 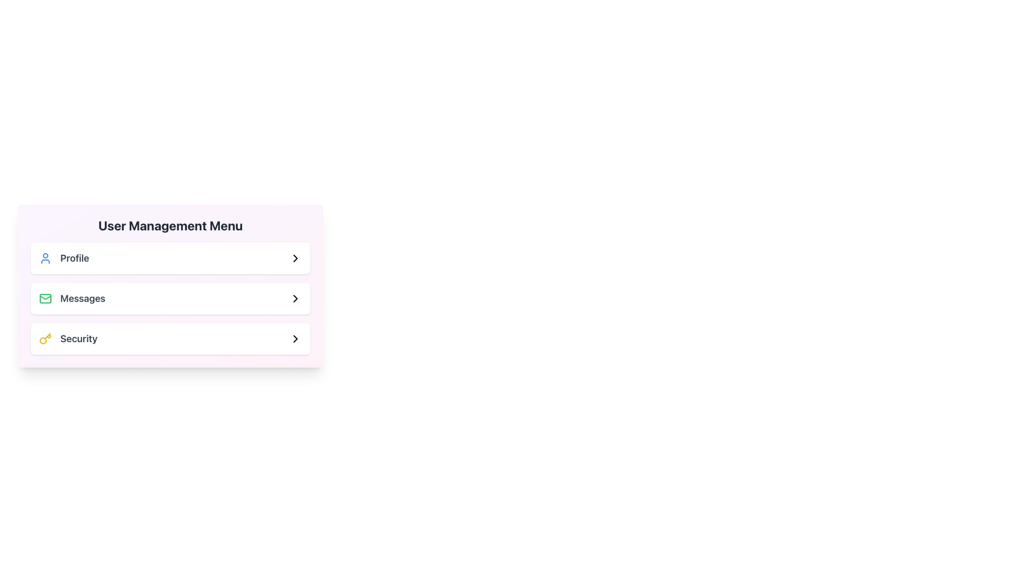 I want to click on the navigation icon located to the extreme right of the 'Profile' item in the 'User Management Menu', so click(x=295, y=258).